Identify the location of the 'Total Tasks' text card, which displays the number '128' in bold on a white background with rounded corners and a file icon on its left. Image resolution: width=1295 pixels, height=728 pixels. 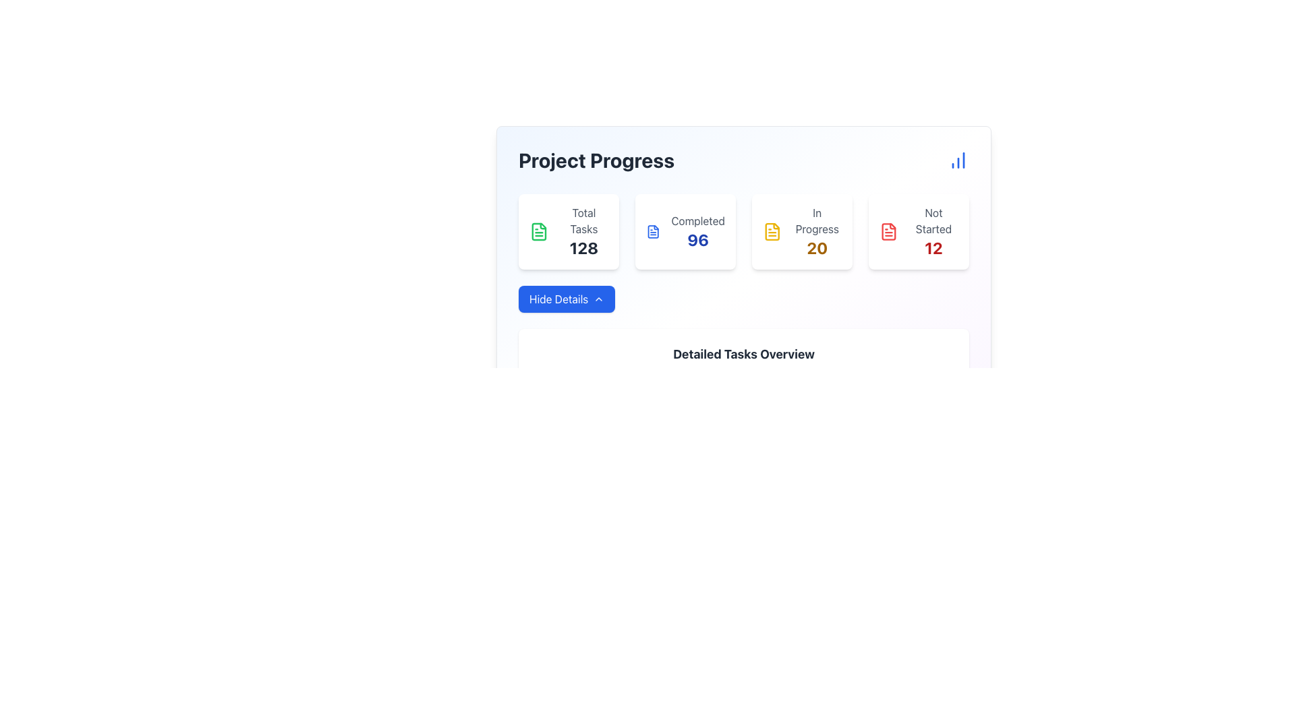
(583, 231).